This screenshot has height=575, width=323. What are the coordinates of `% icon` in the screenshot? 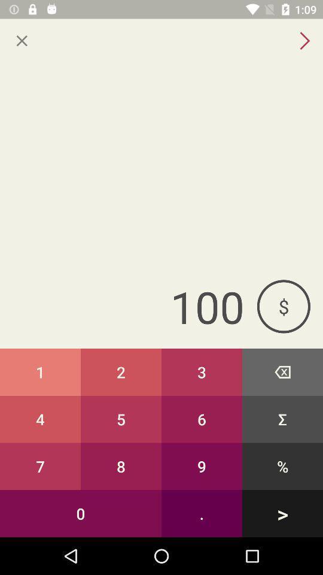 It's located at (282, 465).